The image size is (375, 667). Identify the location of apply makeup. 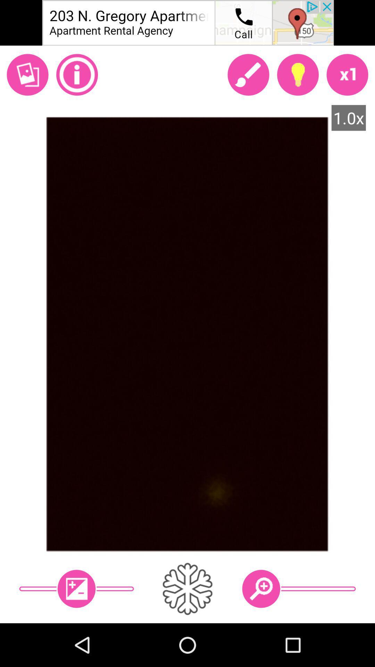
(248, 75).